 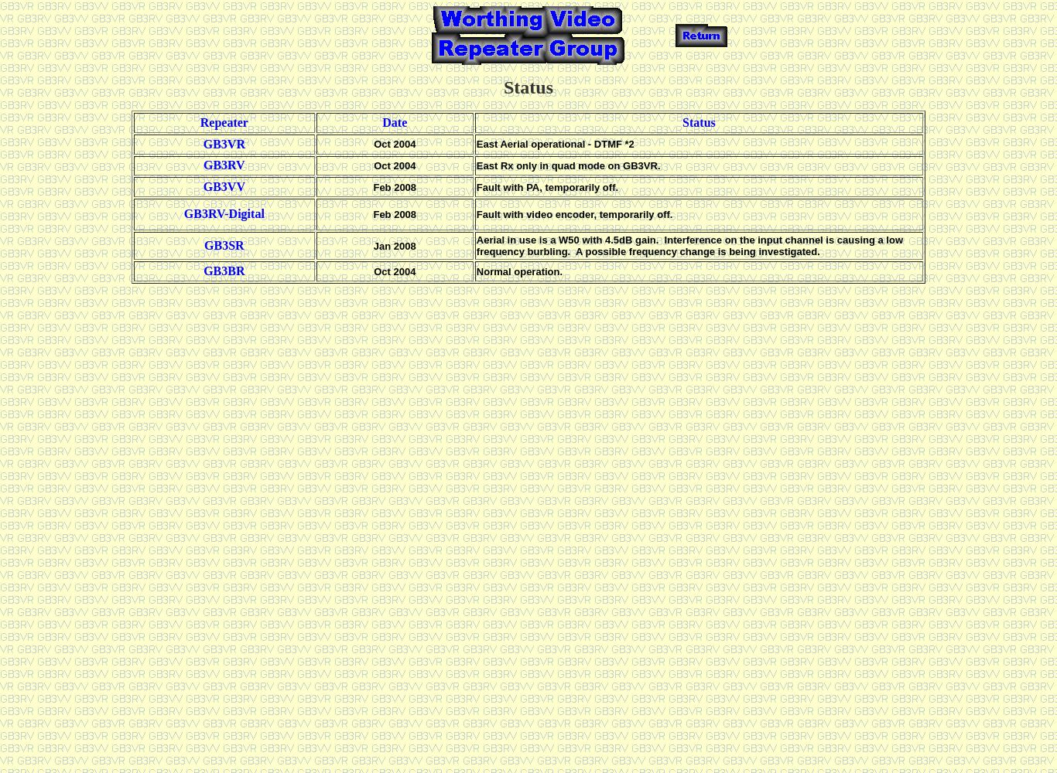 What do you see at coordinates (518, 270) in the screenshot?
I see `'Normal operation.'` at bounding box center [518, 270].